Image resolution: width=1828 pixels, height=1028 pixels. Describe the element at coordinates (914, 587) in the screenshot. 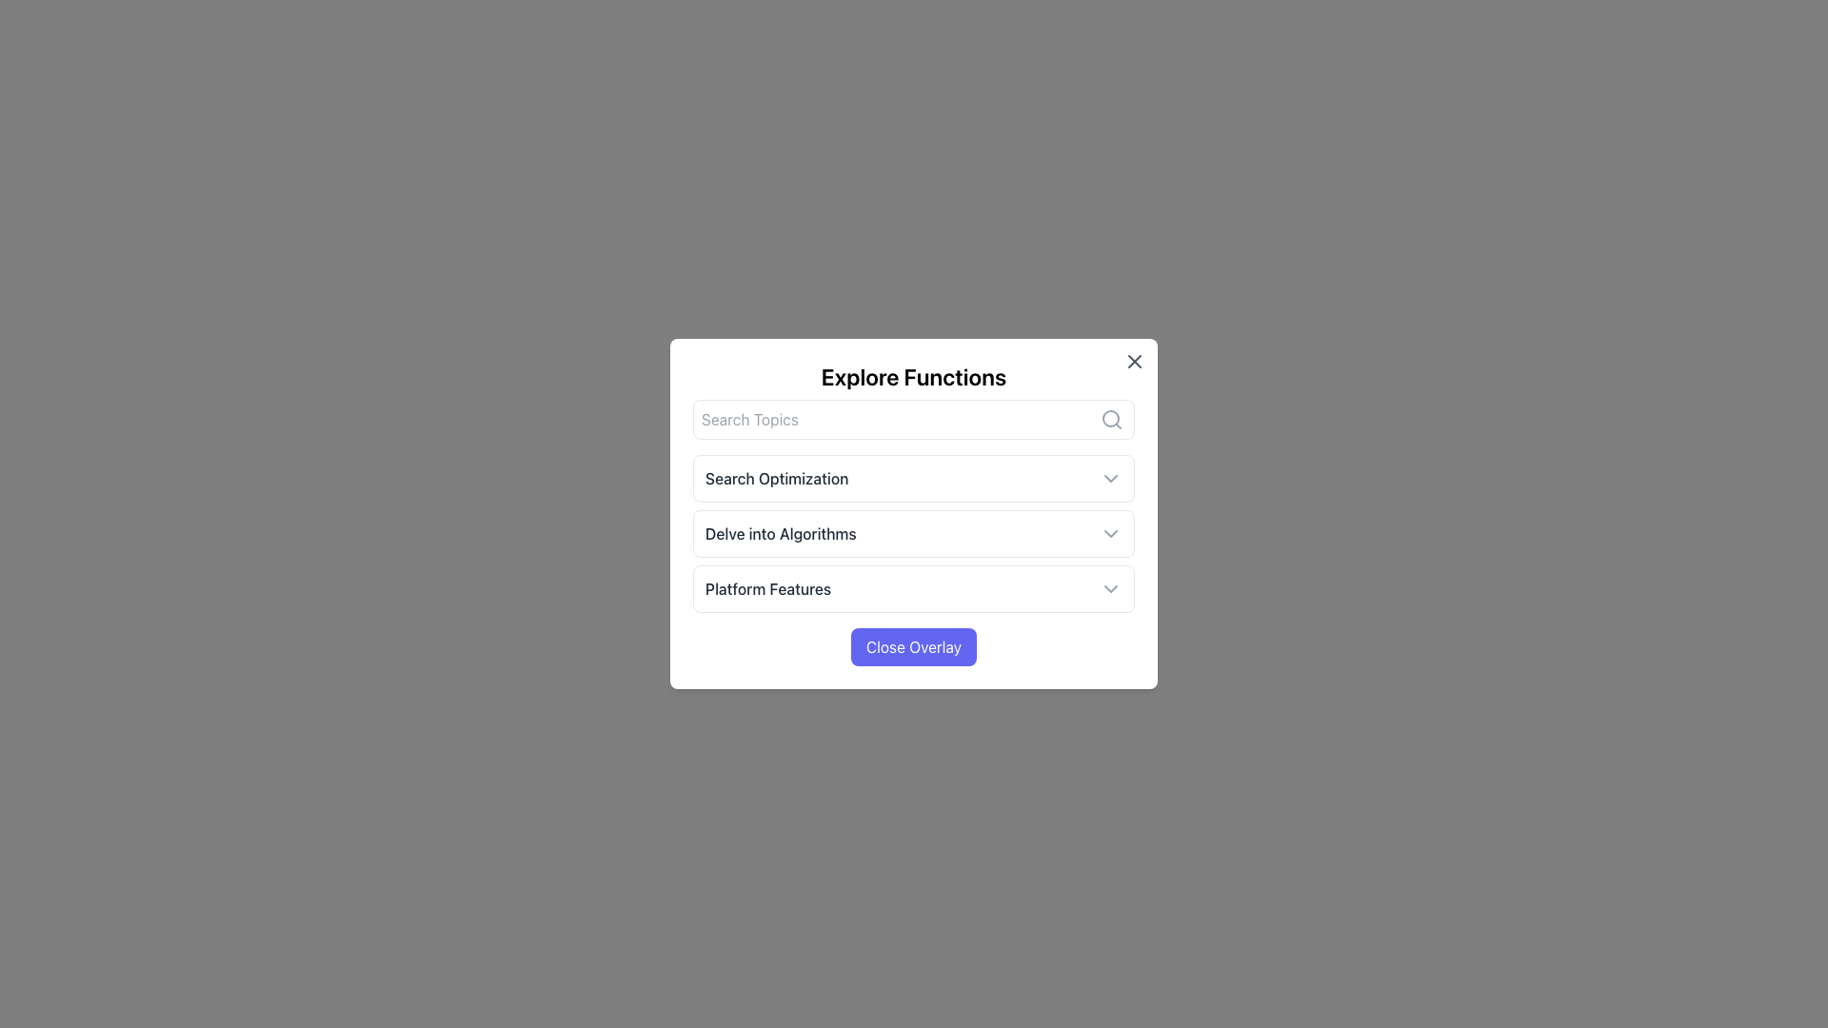

I see `the dropdown toggle button for 'Platform Features' located in the modal titled 'Explore Functions'` at that location.